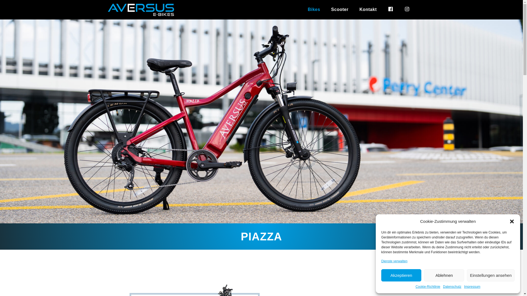  I want to click on 'Ablehnen', so click(444, 275).